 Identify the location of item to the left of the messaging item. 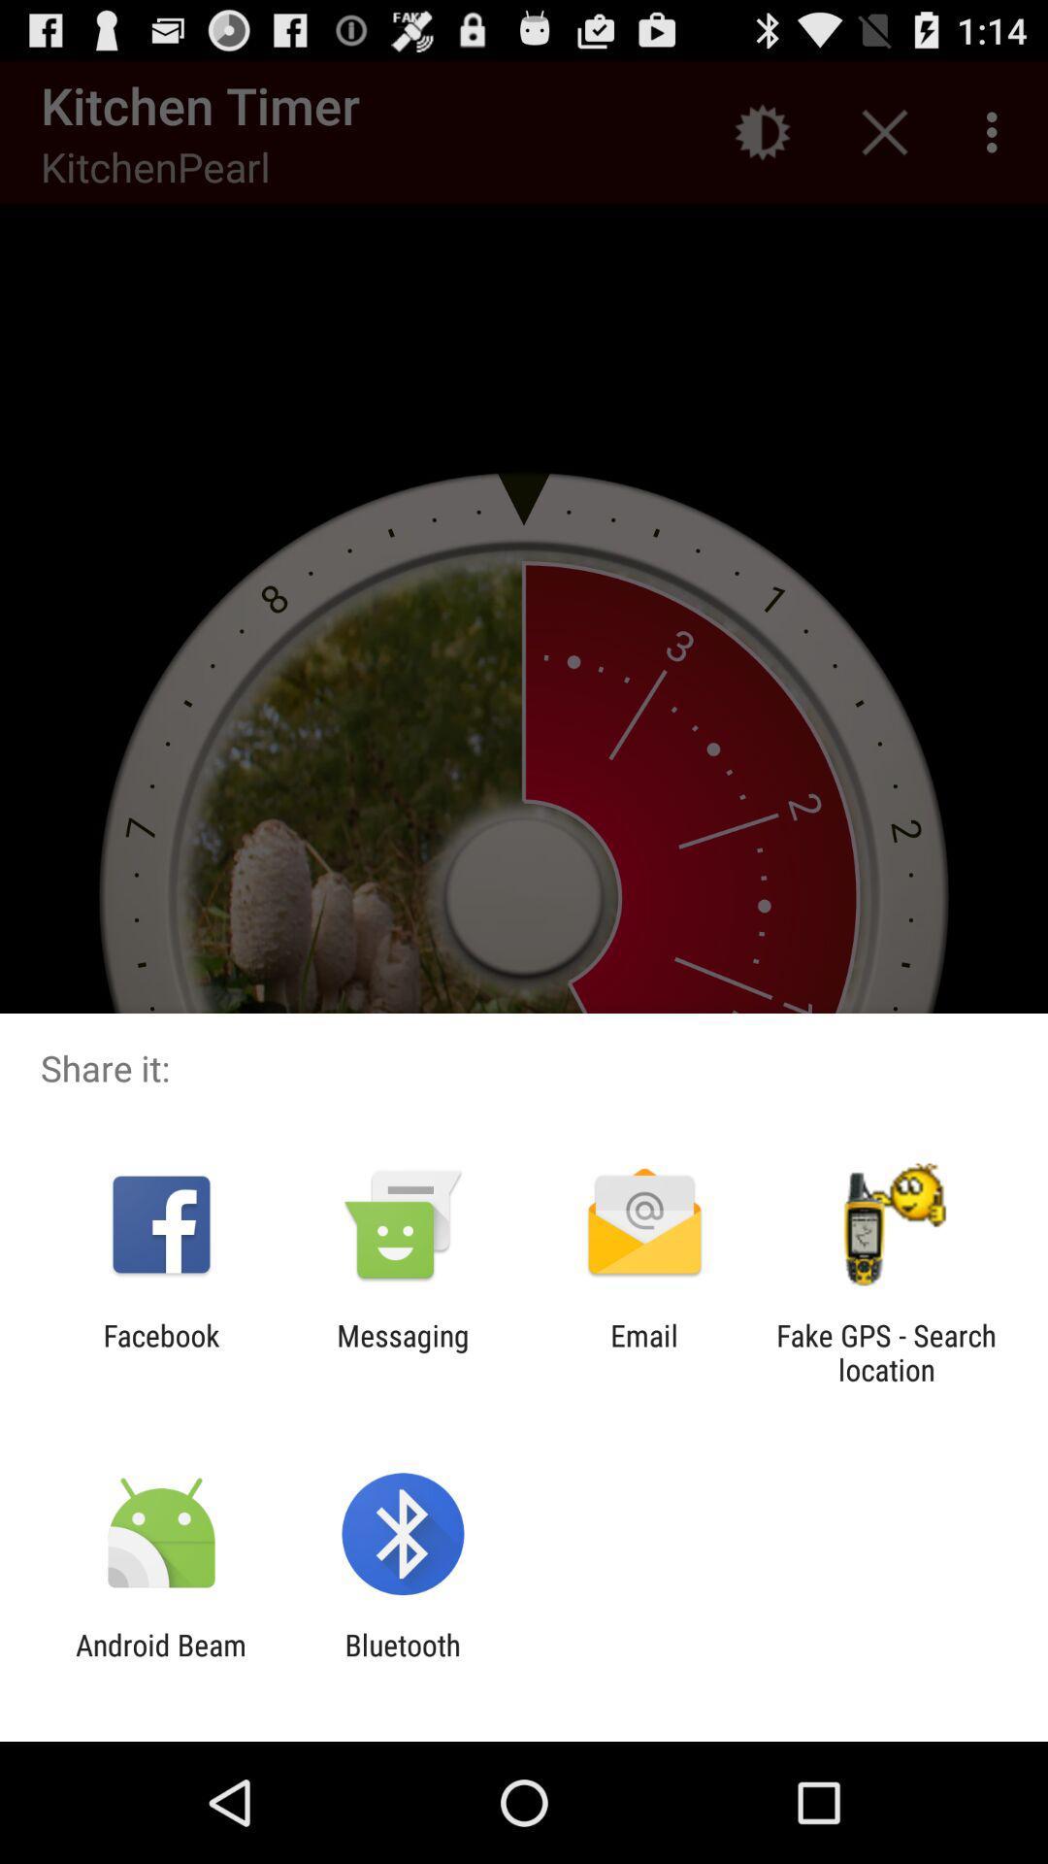
(160, 1351).